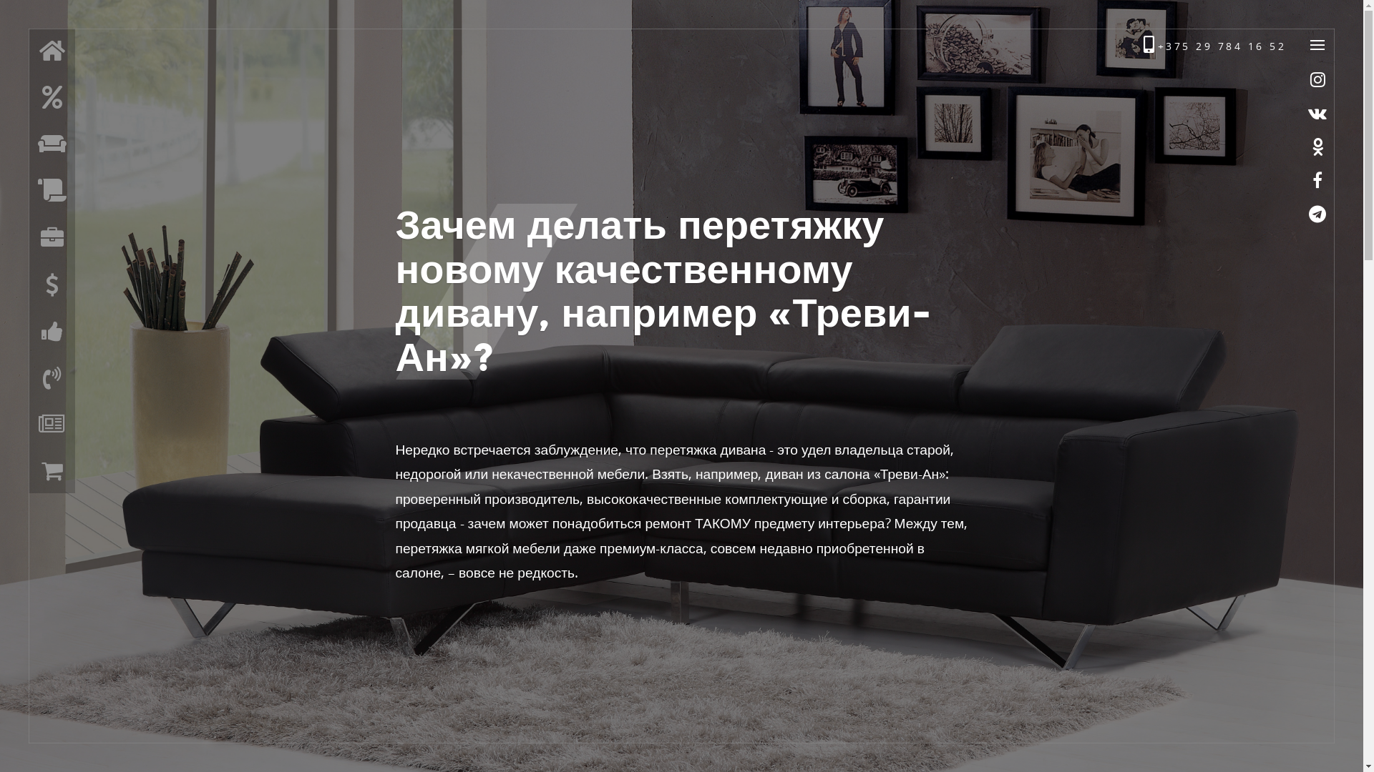 Image resolution: width=1374 pixels, height=772 pixels. I want to click on '+375 29 784 16 52', so click(1214, 45).